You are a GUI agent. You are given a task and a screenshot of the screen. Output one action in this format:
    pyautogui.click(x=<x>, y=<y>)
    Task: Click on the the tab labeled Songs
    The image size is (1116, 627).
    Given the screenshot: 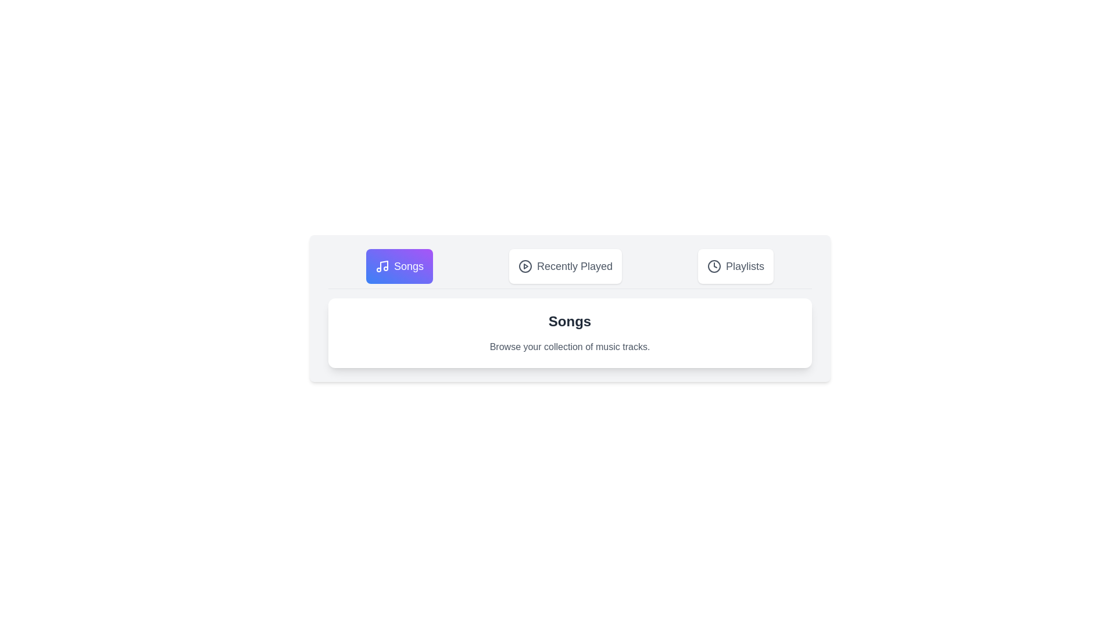 What is the action you would take?
    pyautogui.click(x=399, y=266)
    